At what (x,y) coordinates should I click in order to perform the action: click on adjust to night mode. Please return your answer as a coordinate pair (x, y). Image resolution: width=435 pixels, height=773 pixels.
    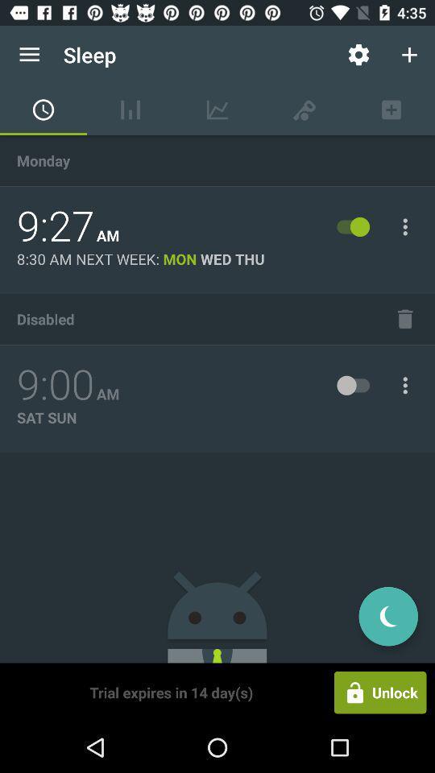
    Looking at the image, I should click on (387, 615).